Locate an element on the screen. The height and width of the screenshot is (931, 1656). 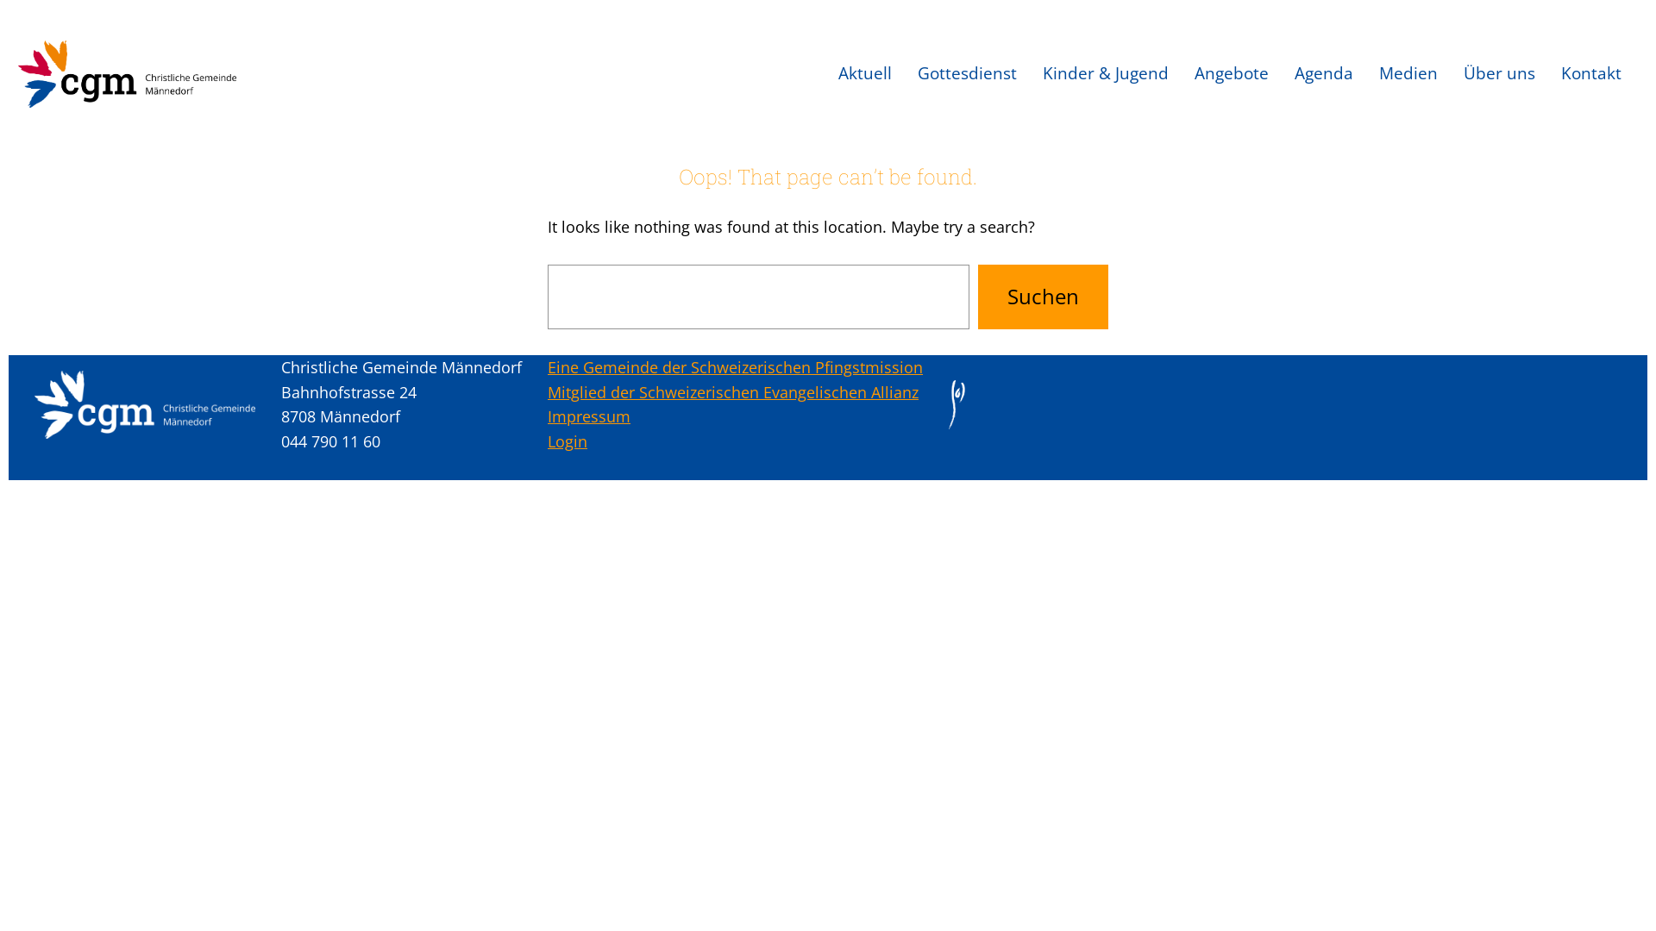
'Suchen' is located at coordinates (1042, 295).